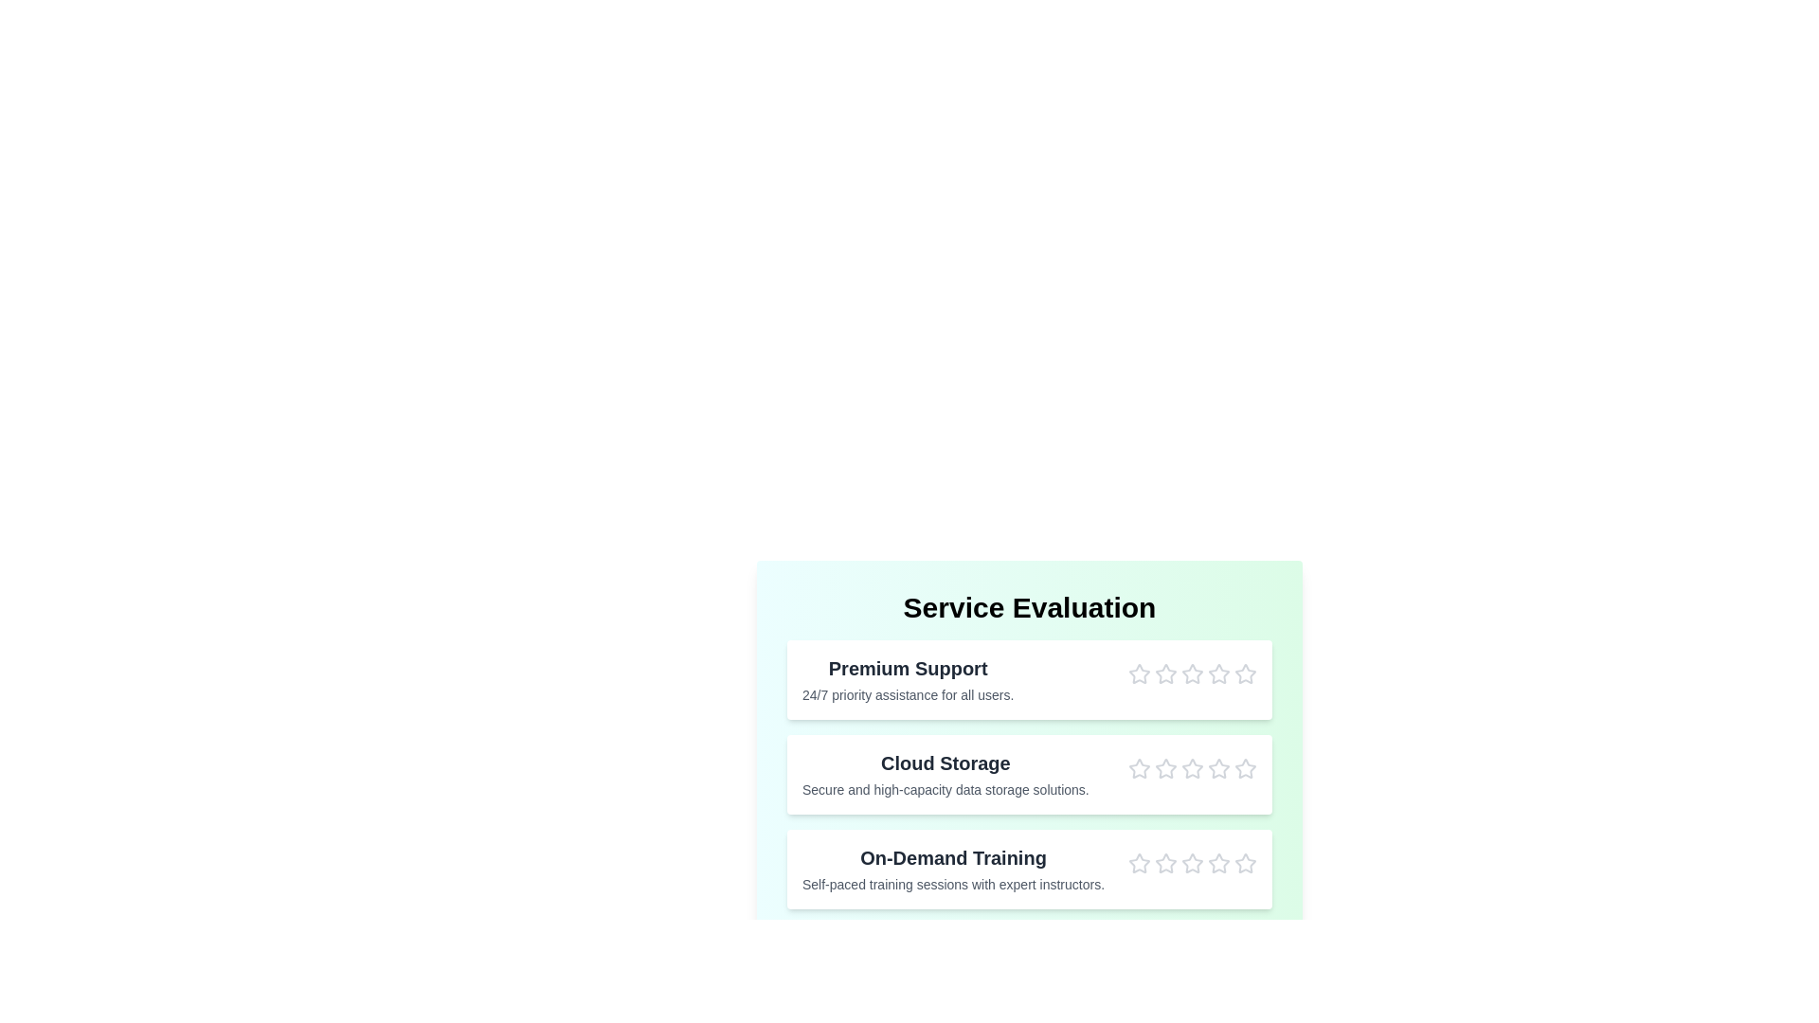 The image size is (1819, 1023). What do you see at coordinates (1191, 673) in the screenshot?
I see `the star corresponding to 3 stars for the Premium Support service` at bounding box center [1191, 673].